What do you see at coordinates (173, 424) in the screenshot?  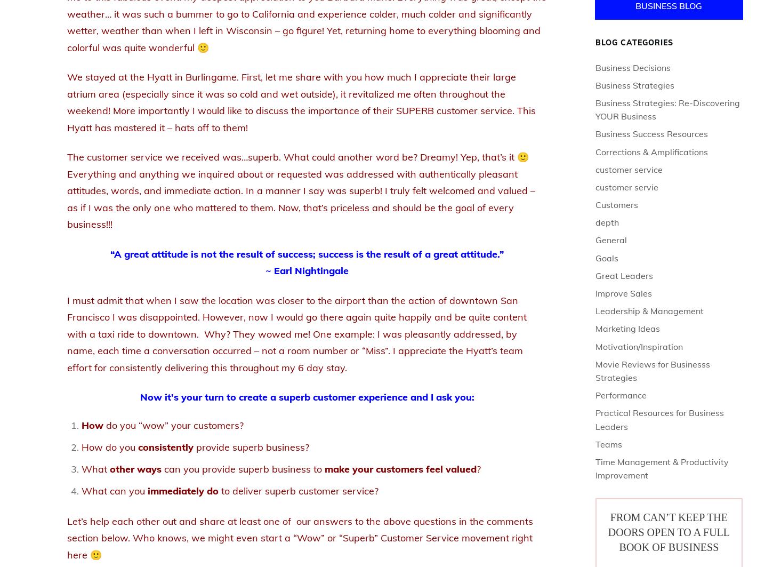 I see `'do you “wow” your customers?'` at bounding box center [173, 424].